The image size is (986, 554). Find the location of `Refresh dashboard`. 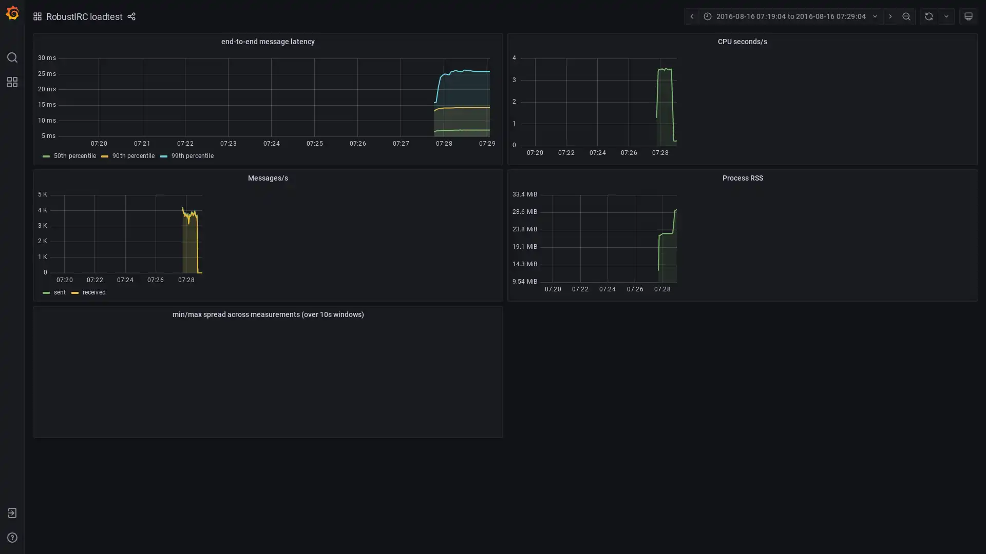

Refresh dashboard is located at coordinates (928, 16).